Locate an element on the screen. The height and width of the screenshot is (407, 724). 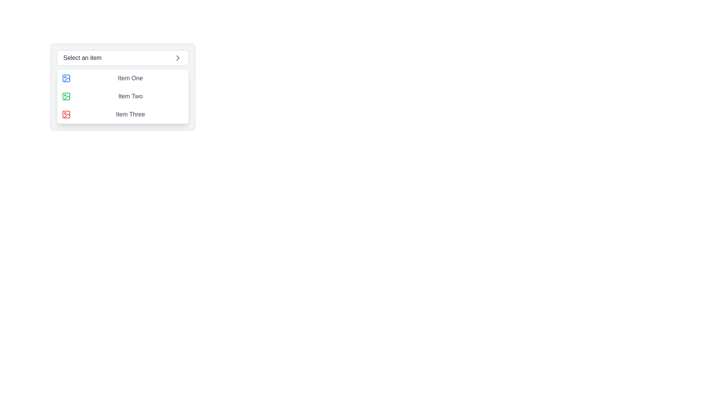
the chevron icon indicating the expandable menu associated with the 'Select an item' dropdown box is located at coordinates (177, 58).